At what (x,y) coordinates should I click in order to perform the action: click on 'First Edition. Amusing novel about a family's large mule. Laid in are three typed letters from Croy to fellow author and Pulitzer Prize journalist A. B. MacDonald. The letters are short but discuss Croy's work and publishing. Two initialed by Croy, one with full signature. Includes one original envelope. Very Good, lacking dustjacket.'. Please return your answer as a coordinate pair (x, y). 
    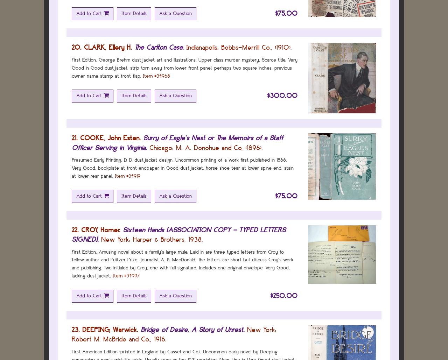
    Looking at the image, I should click on (182, 264).